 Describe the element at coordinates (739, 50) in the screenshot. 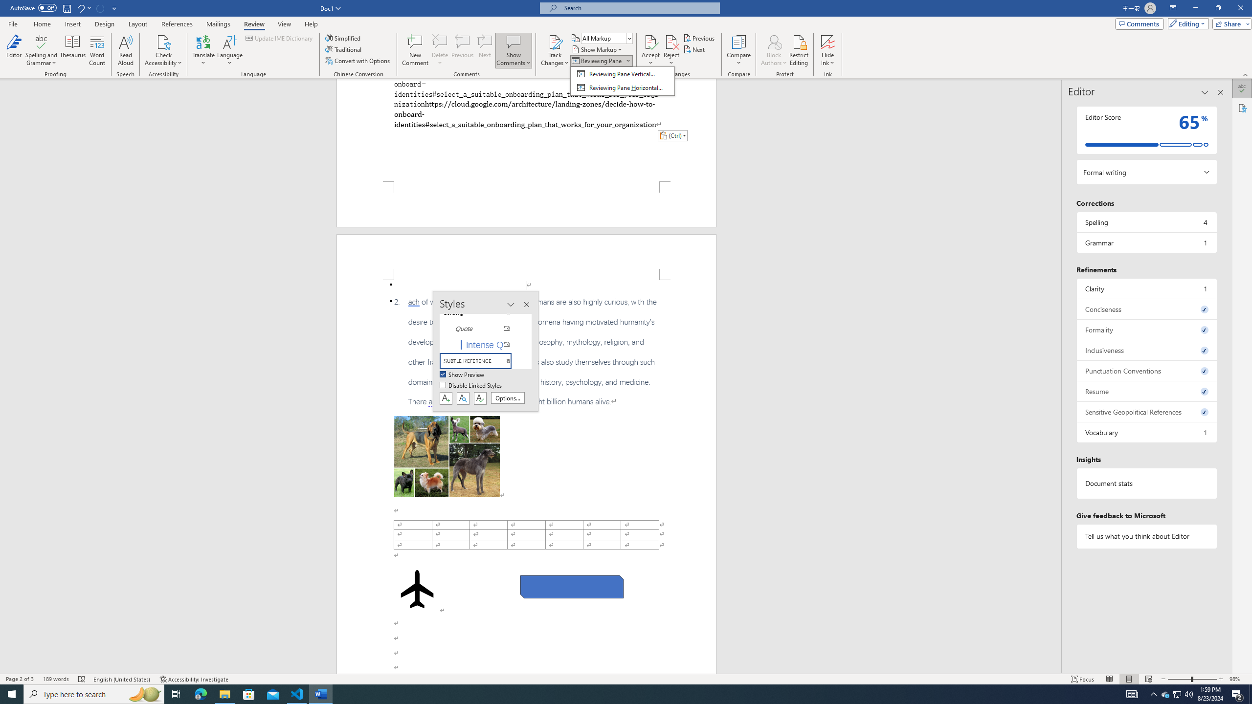

I see `'Compare'` at that location.